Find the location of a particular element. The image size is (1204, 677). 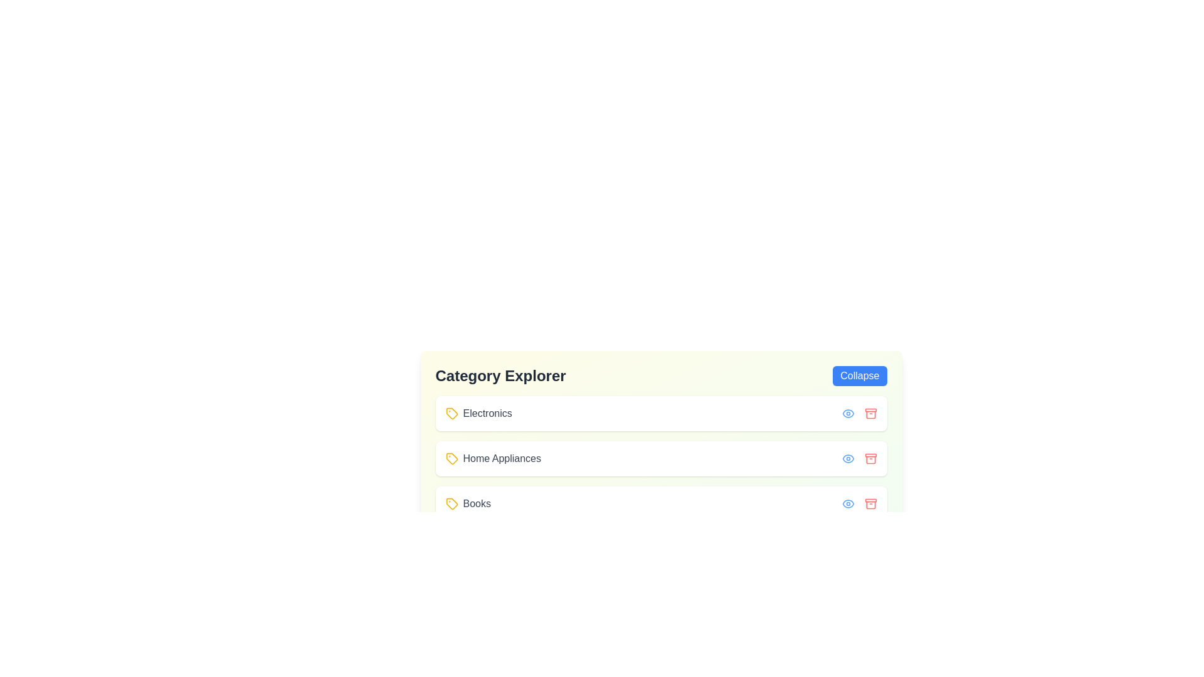

the eye icon located in the interactive toolbar of the 'Category Explorer' section is located at coordinates (848, 413).